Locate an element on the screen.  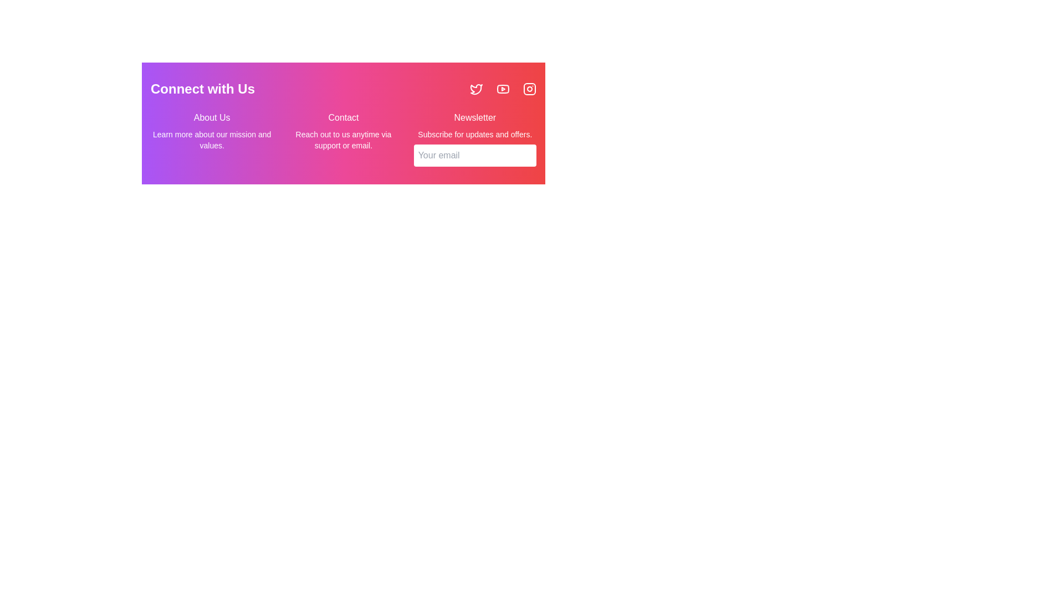
the Informational text block with the header 'Contact', which contains a message about reaching out via support or email, located in the middle column of a three-column layout is located at coordinates (342, 138).